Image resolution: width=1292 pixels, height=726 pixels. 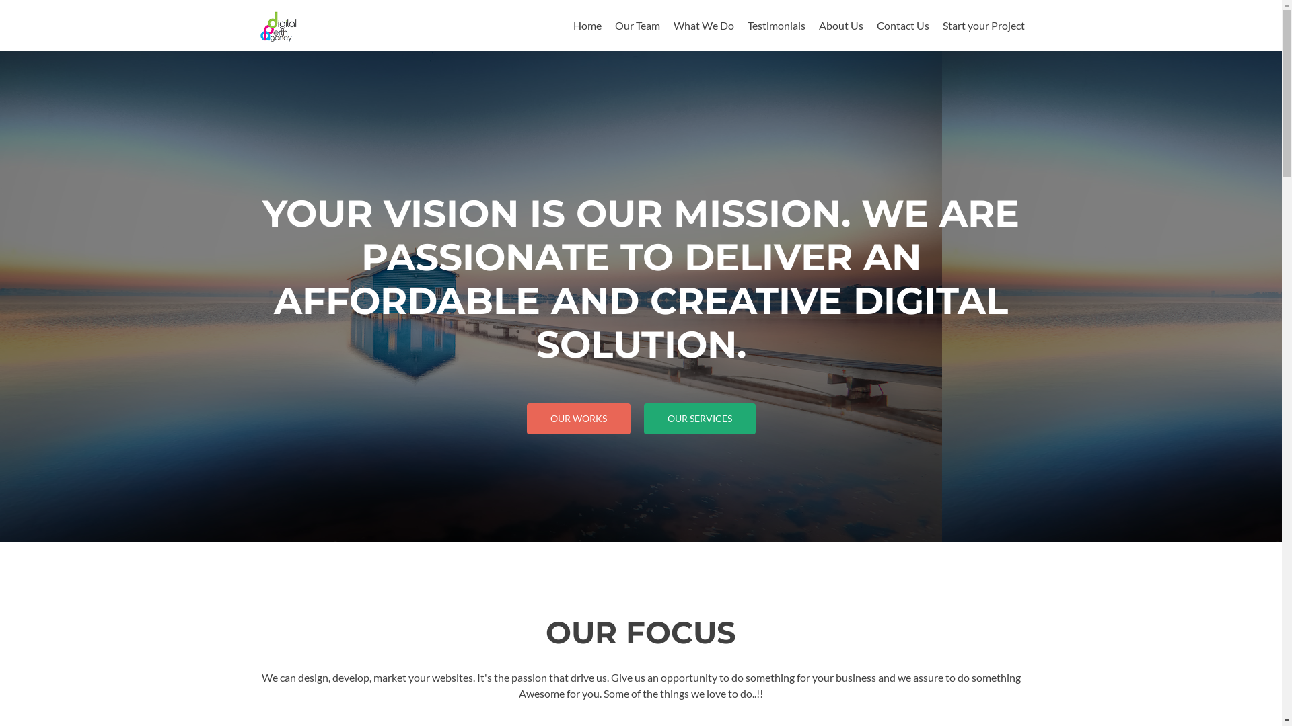 What do you see at coordinates (839, 25) in the screenshot?
I see `'About Us'` at bounding box center [839, 25].